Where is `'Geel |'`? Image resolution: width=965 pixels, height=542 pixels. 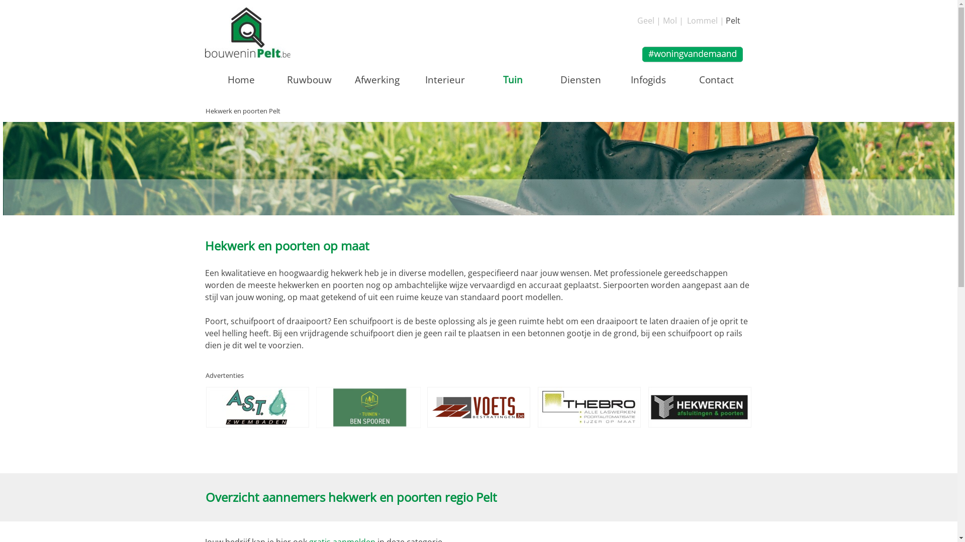 'Geel |' is located at coordinates (649, 21).